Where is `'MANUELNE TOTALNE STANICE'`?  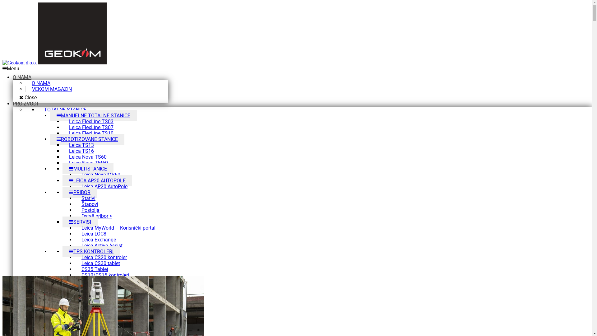
'MANUELNE TOTALNE STANICE' is located at coordinates (93, 115).